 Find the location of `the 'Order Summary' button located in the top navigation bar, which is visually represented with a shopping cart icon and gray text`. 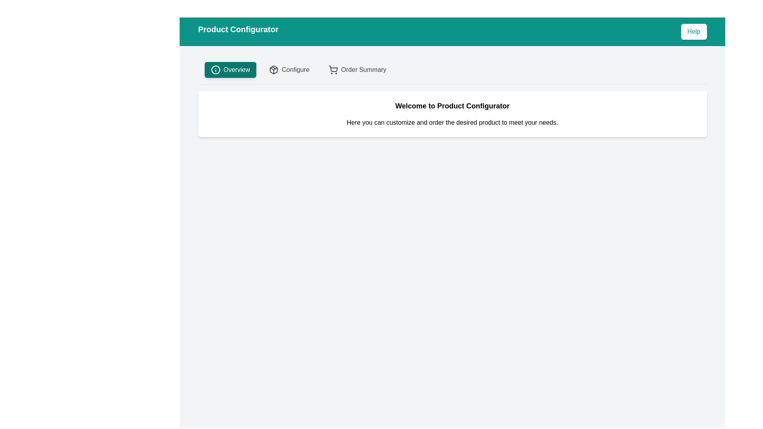

the 'Order Summary' button located in the top navigation bar, which is visually represented with a shopping cart icon and gray text is located at coordinates (357, 70).